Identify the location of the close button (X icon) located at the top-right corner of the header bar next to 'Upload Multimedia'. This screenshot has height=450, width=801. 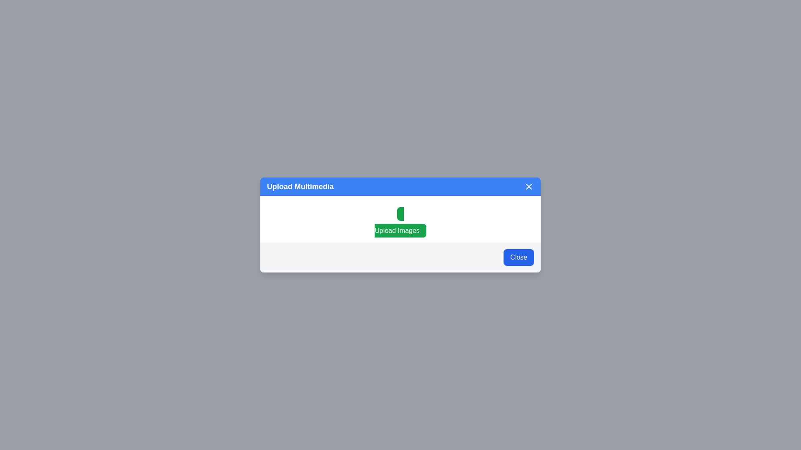
(528, 186).